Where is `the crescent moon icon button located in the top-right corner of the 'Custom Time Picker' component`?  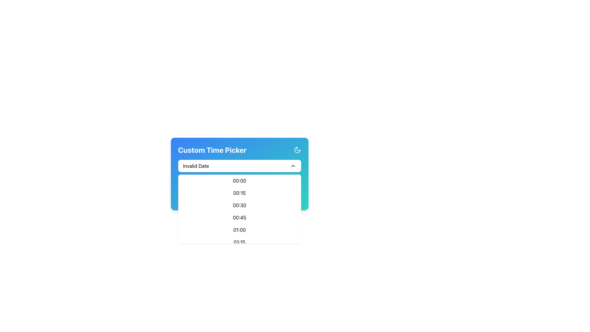
the crescent moon icon button located in the top-right corner of the 'Custom Time Picker' component is located at coordinates (297, 150).